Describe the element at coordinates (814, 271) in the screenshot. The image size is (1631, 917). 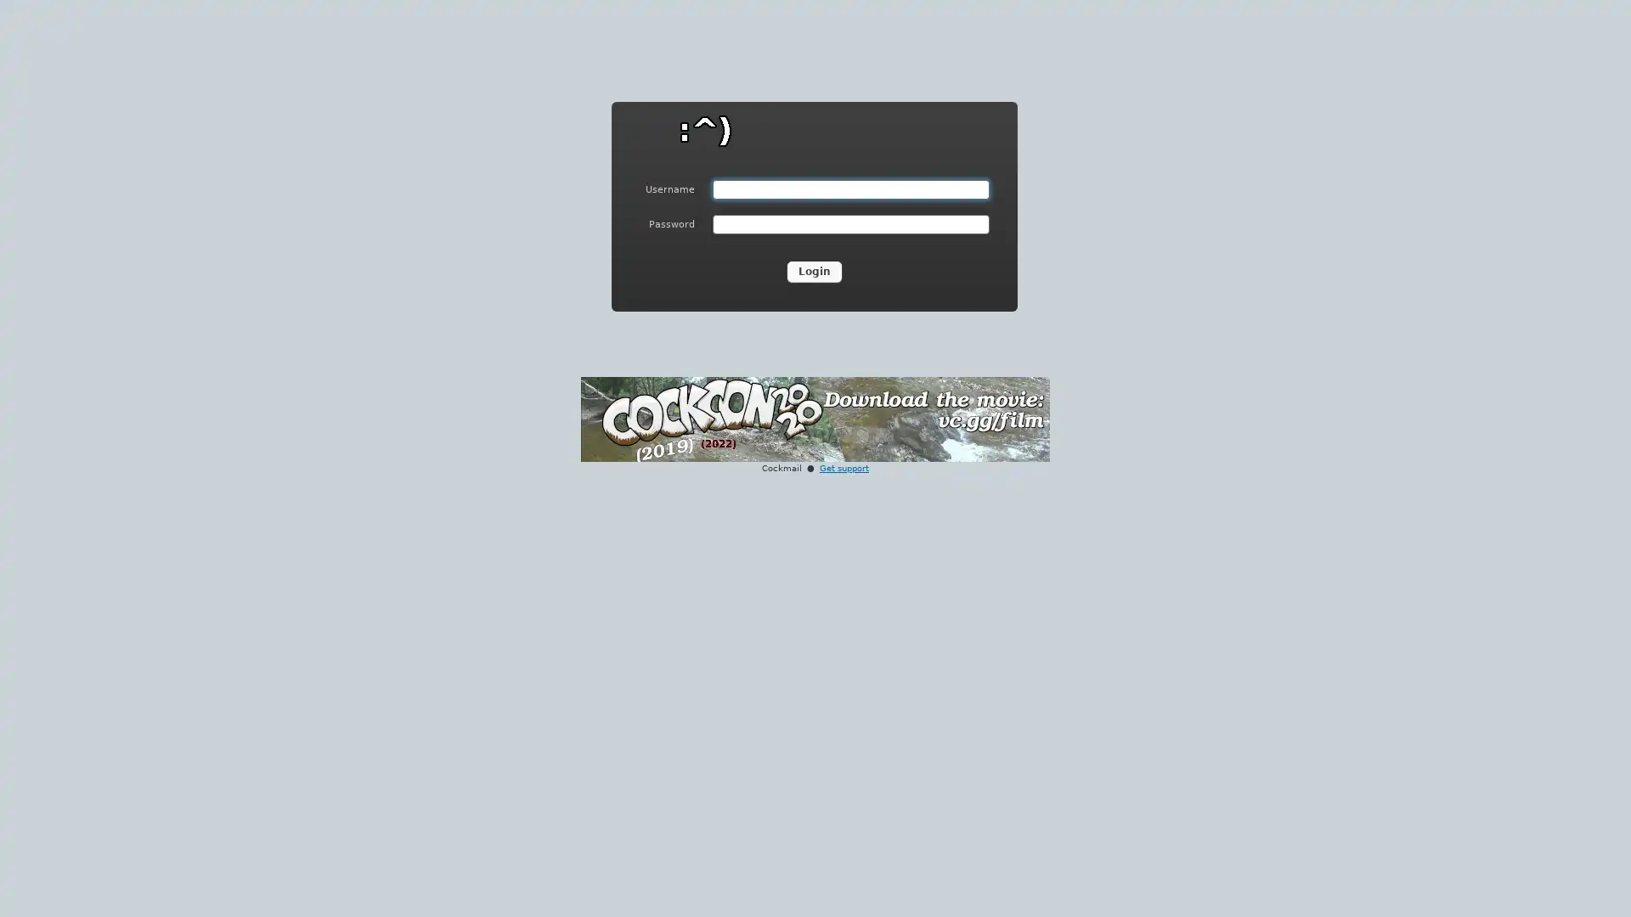
I see `Login` at that location.